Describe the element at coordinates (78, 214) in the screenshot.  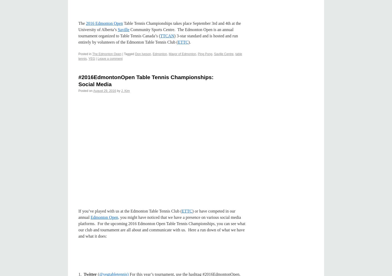
I see `') or have competed in our annual'` at that location.